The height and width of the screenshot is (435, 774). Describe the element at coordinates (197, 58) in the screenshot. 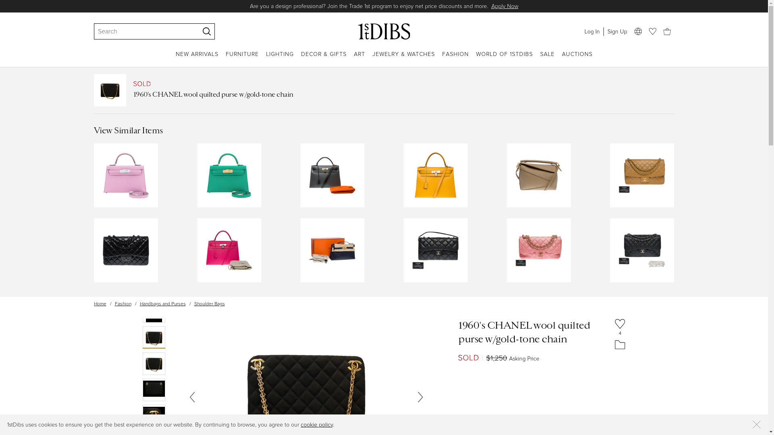

I see `'NEW ARRIVALS'` at that location.